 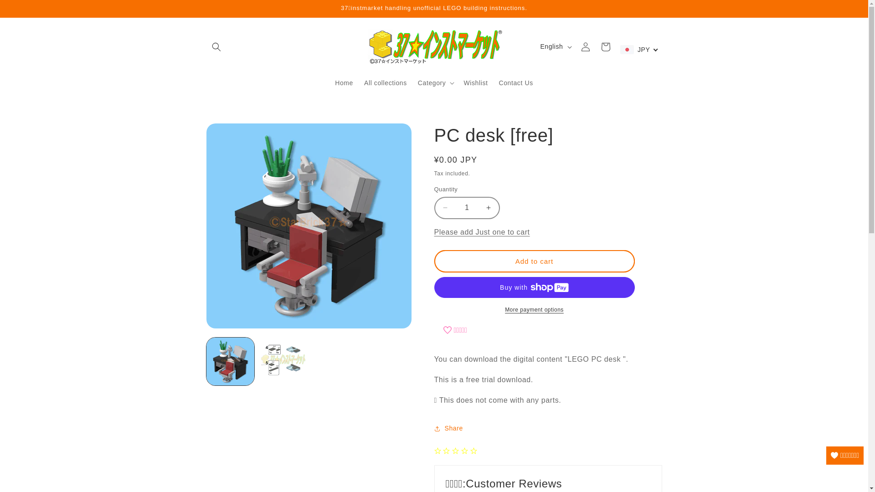 What do you see at coordinates (234, 134) in the screenshot?
I see `'Skip to product information'` at bounding box center [234, 134].